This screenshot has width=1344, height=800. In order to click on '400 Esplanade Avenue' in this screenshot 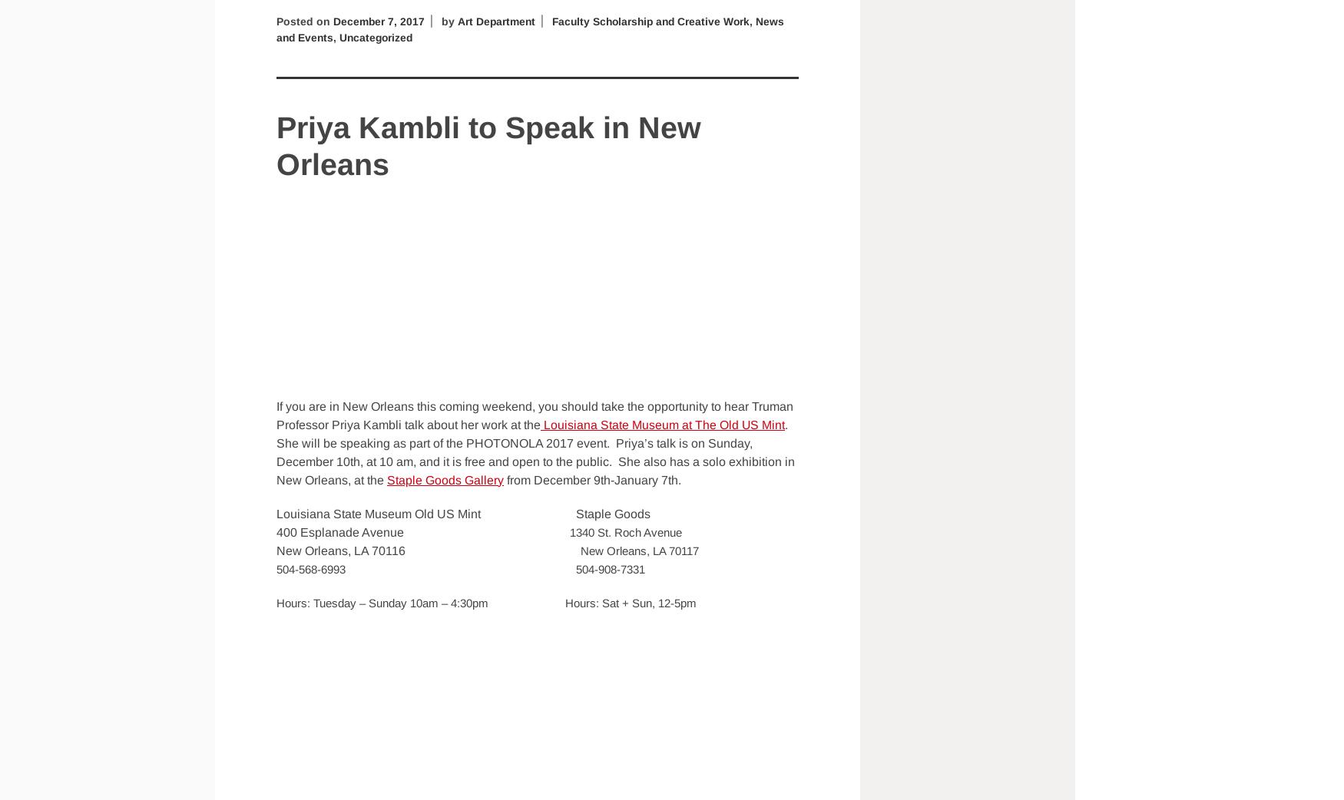, I will do `click(422, 531)`.